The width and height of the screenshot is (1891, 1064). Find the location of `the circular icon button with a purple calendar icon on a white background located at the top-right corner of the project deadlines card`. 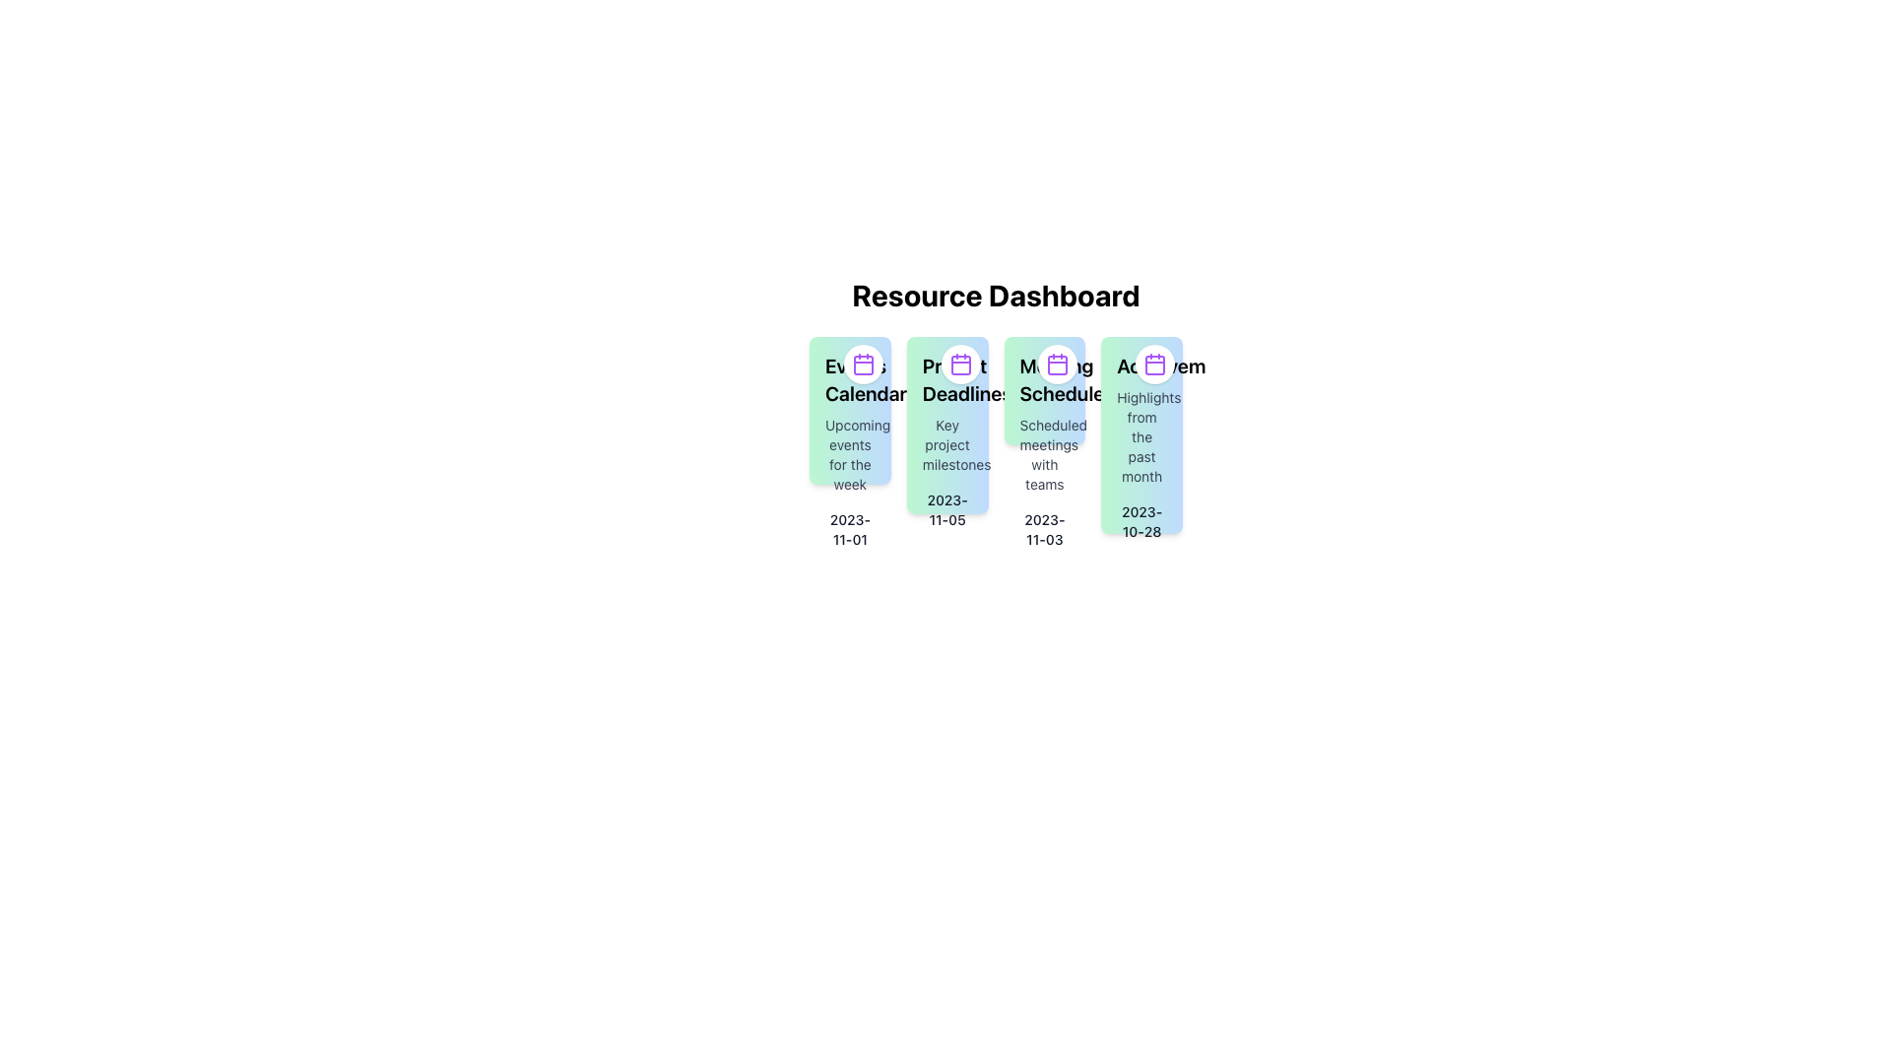

the circular icon button with a purple calendar icon on a white background located at the top-right corner of the project deadlines card is located at coordinates (960, 365).